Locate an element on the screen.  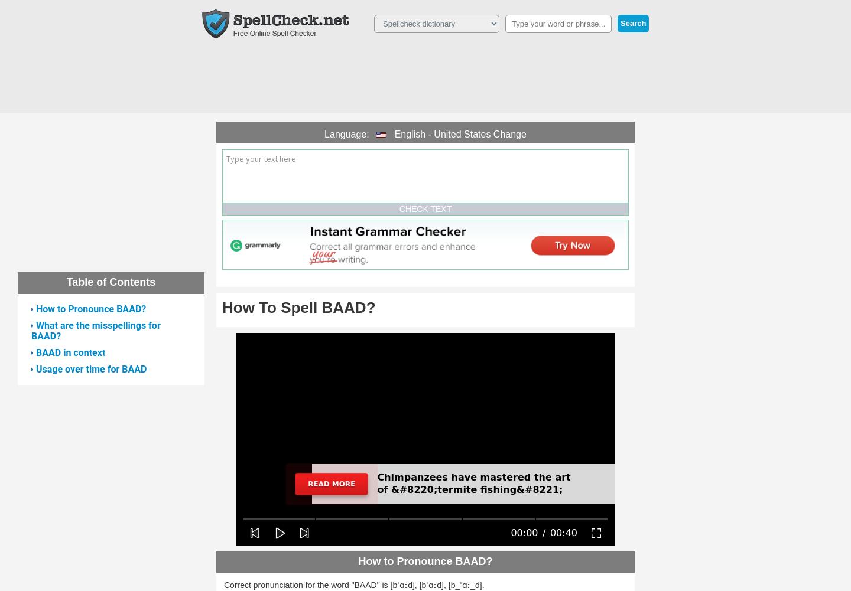
'Table of Contents' is located at coordinates (66, 282).